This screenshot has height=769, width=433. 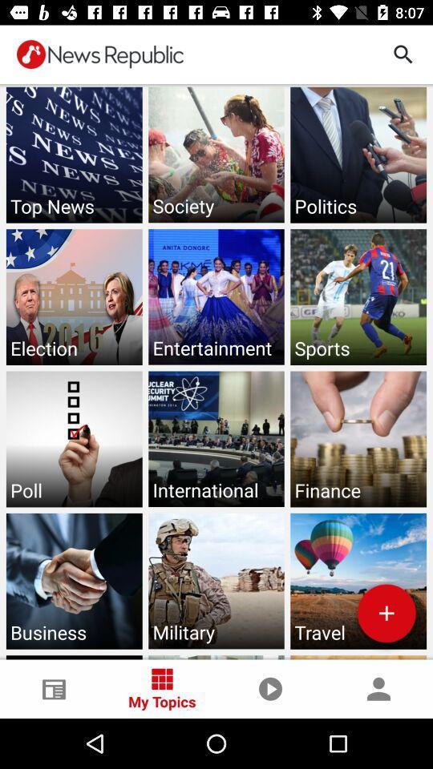 I want to click on the photo beside the add icon, so click(x=216, y=580).